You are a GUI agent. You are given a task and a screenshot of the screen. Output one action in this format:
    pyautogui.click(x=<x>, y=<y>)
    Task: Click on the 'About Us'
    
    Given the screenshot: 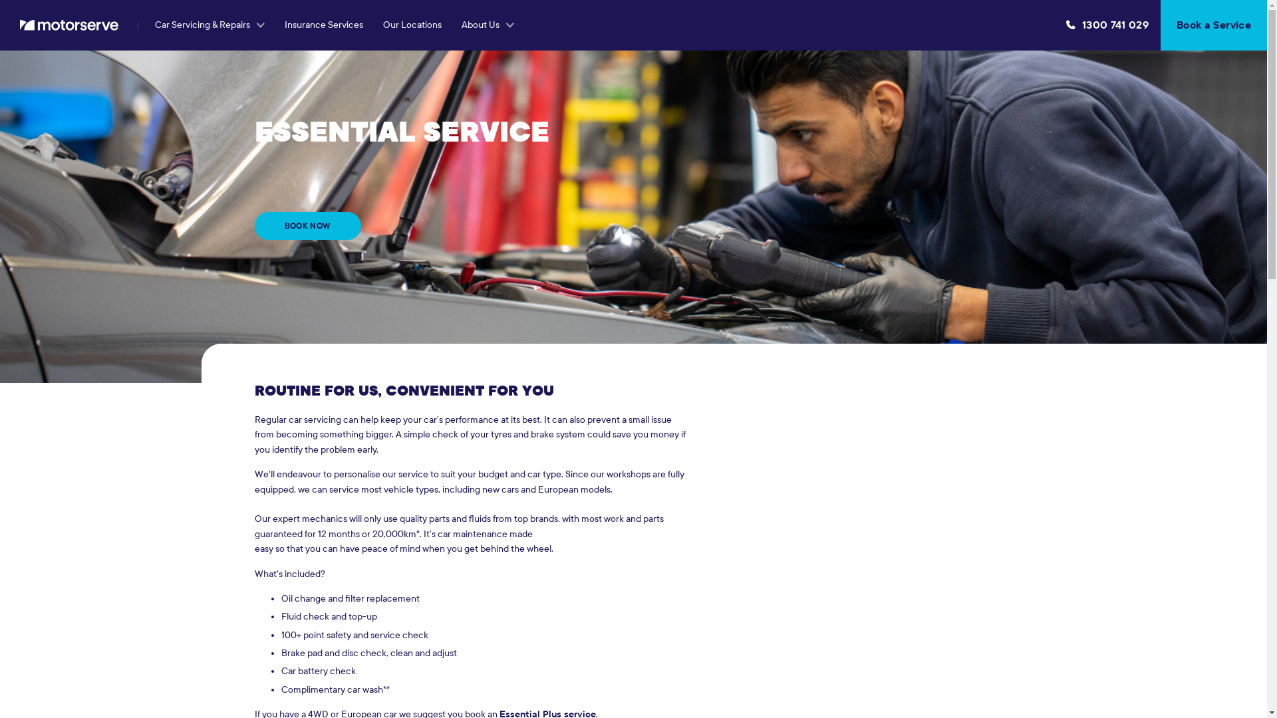 What is the action you would take?
    pyautogui.click(x=451, y=25)
    